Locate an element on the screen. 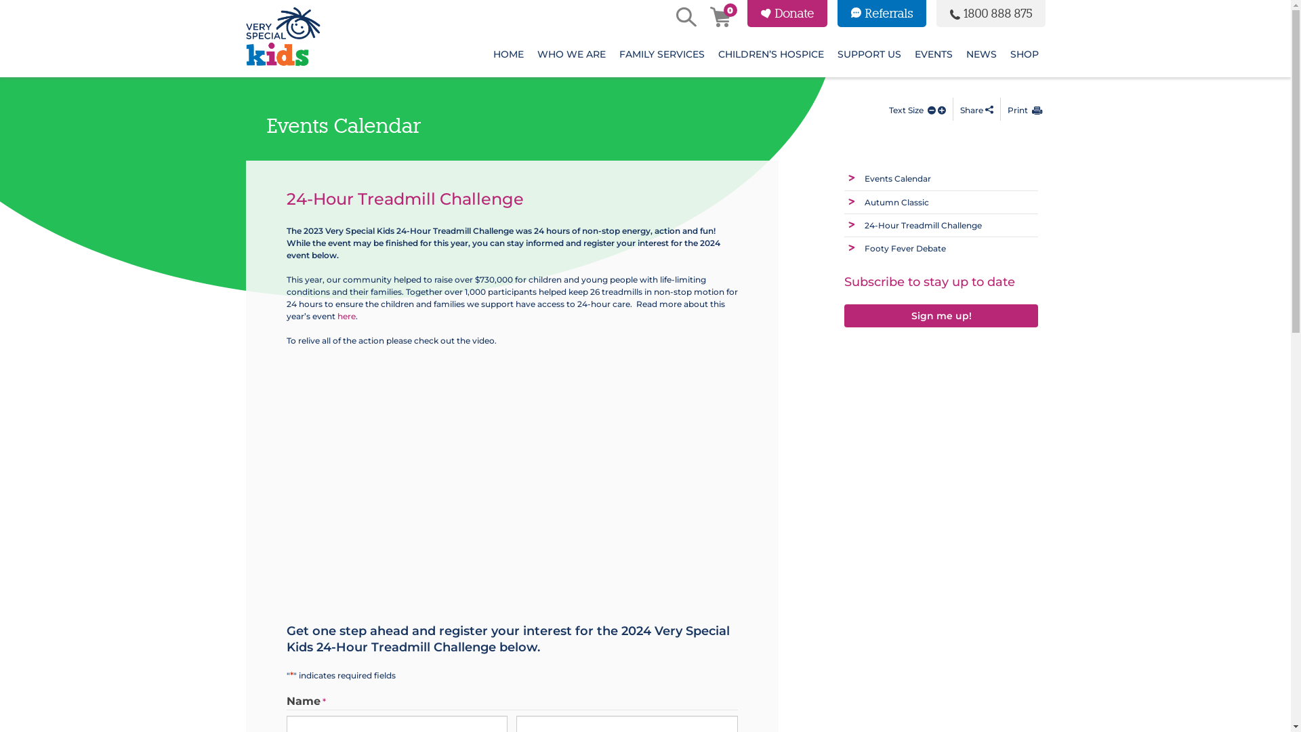 This screenshot has height=732, width=1301. 'NEWS' is located at coordinates (959, 54).